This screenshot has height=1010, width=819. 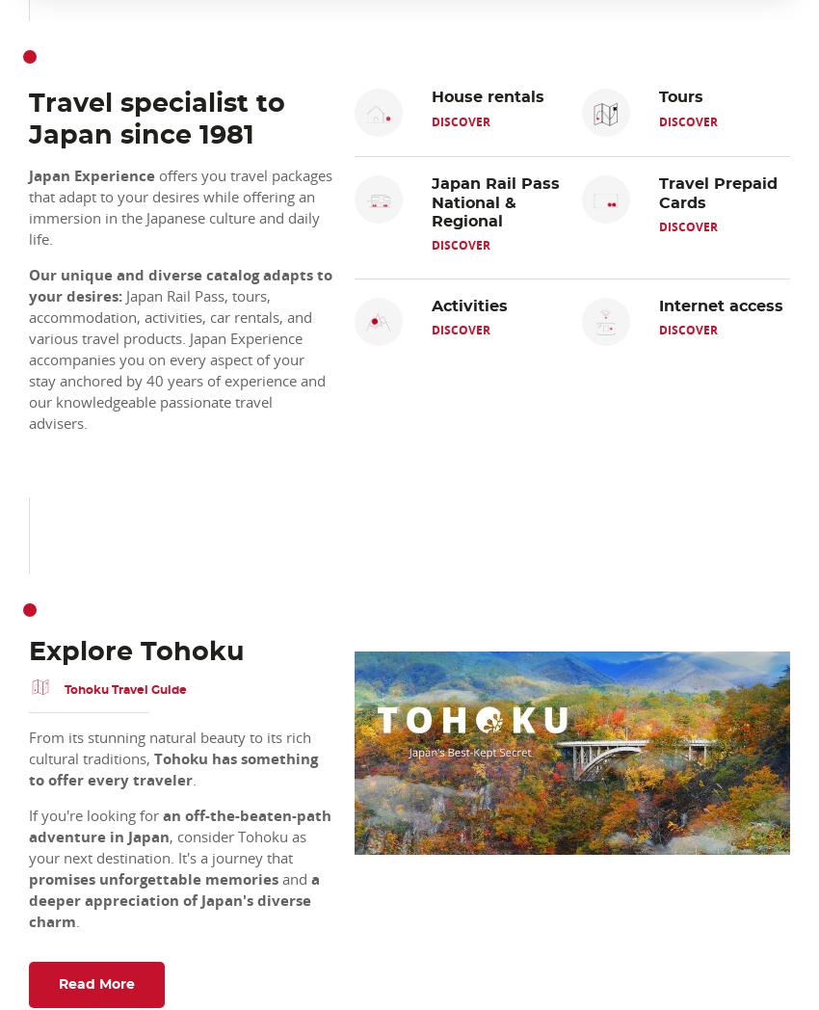 What do you see at coordinates (28, 825) in the screenshot?
I see `'an off-the-beaten-path adventure in Japan'` at bounding box center [28, 825].